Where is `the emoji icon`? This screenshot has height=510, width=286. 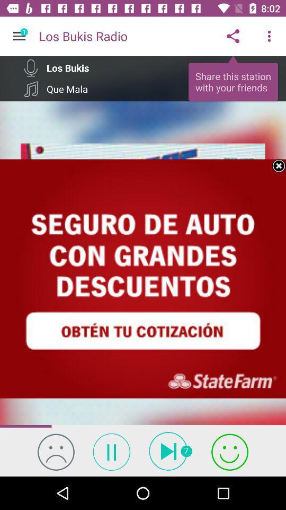
the emoji icon is located at coordinates (56, 451).